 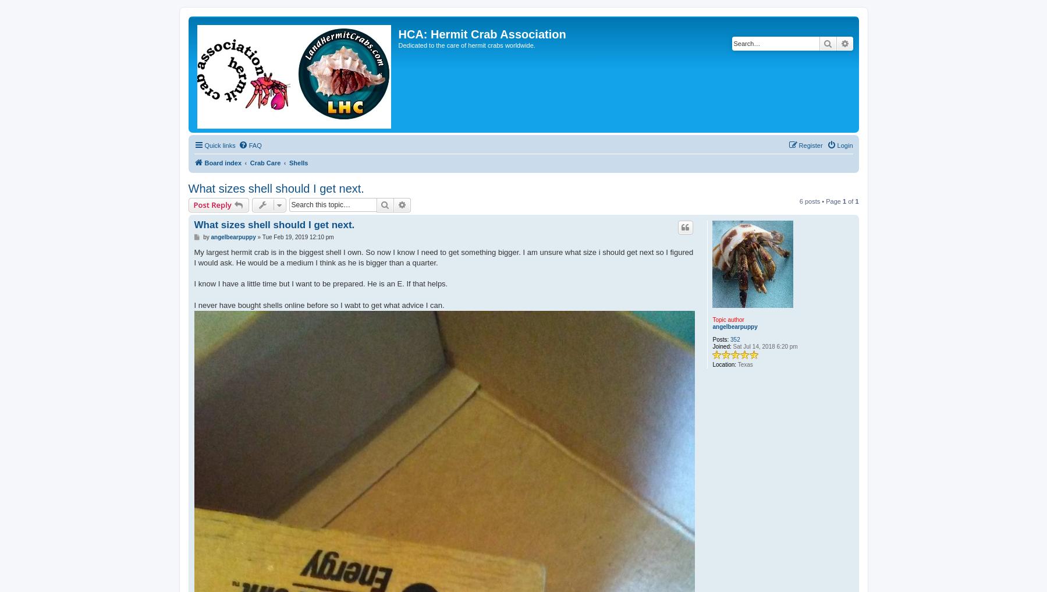 What do you see at coordinates (466, 45) in the screenshot?
I see `'Dedicated to the care of hermit crabs worldwide.'` at bounding box center [466, 45].